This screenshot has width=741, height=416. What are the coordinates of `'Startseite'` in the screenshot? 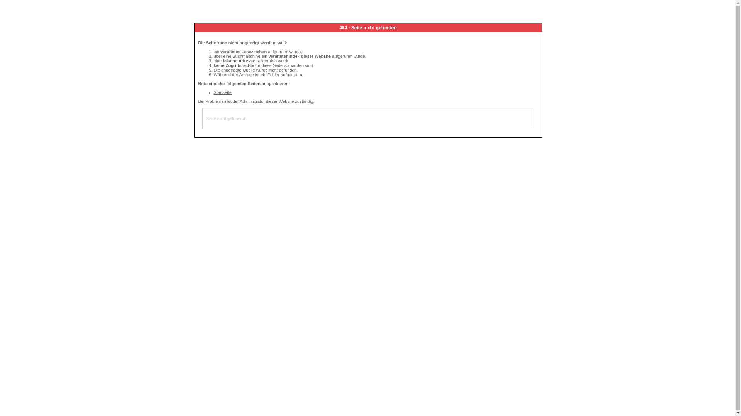 It's located at (213, 92).